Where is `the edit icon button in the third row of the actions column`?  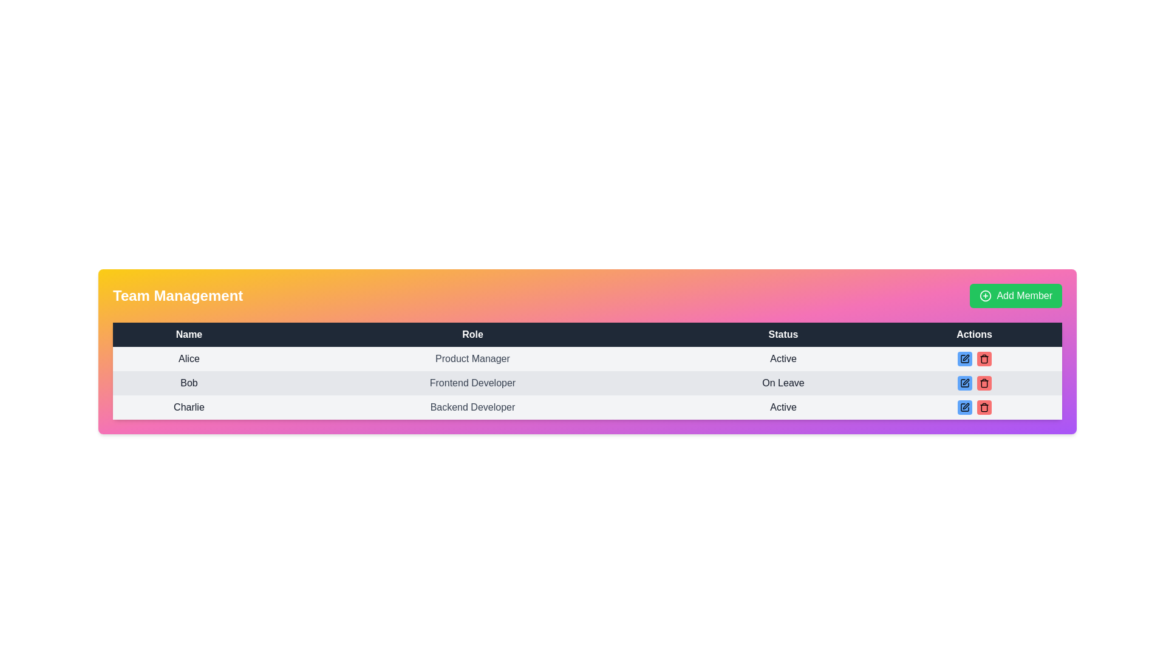
the edit icon button in the third row of the actions column is located at coordinates (964, 383).